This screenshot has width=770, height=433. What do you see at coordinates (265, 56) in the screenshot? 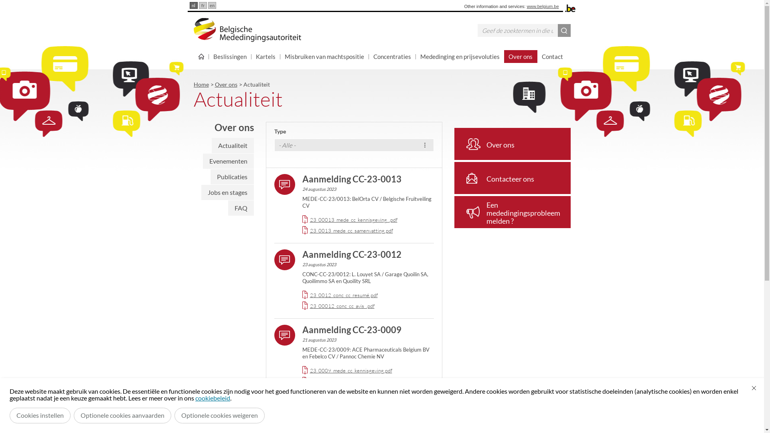
I see `'Kartels'` at bounding box center [265, 56].